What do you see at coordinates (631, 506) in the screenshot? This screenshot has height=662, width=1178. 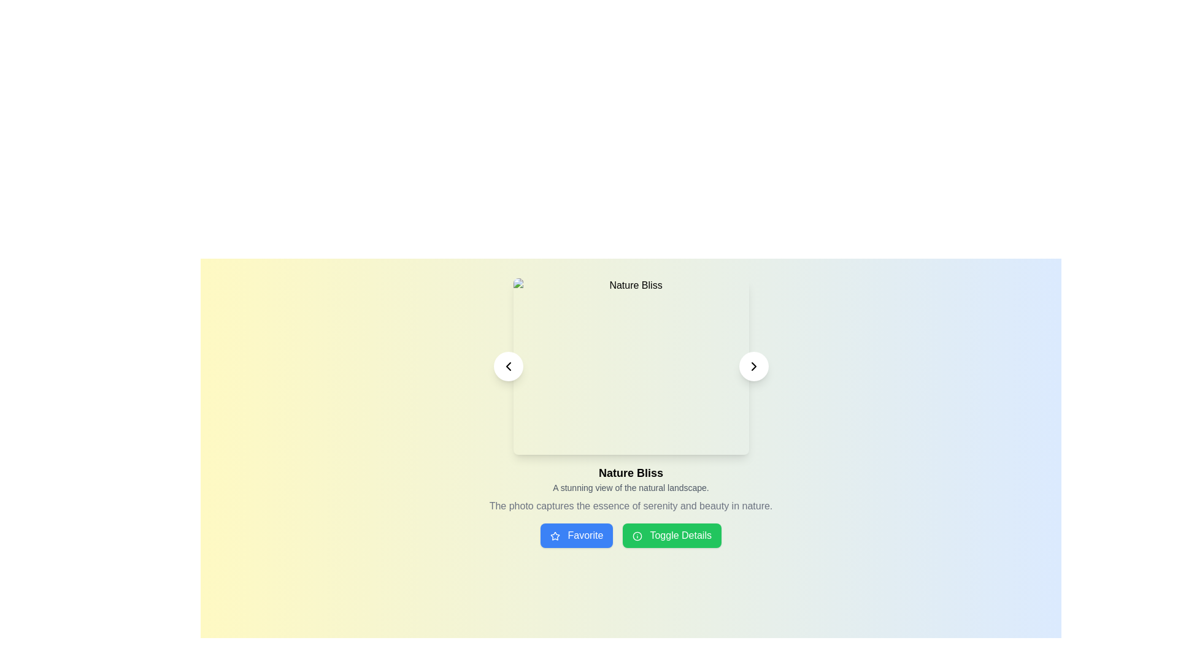 I see `text label that provides additional descriptive context about the nature-themed content, located below the title 'A stunning view of the natural landscape.' and above the buttons labeled 'Favorite' and 'Toggle Details.'` at bounding box center [631, 506].